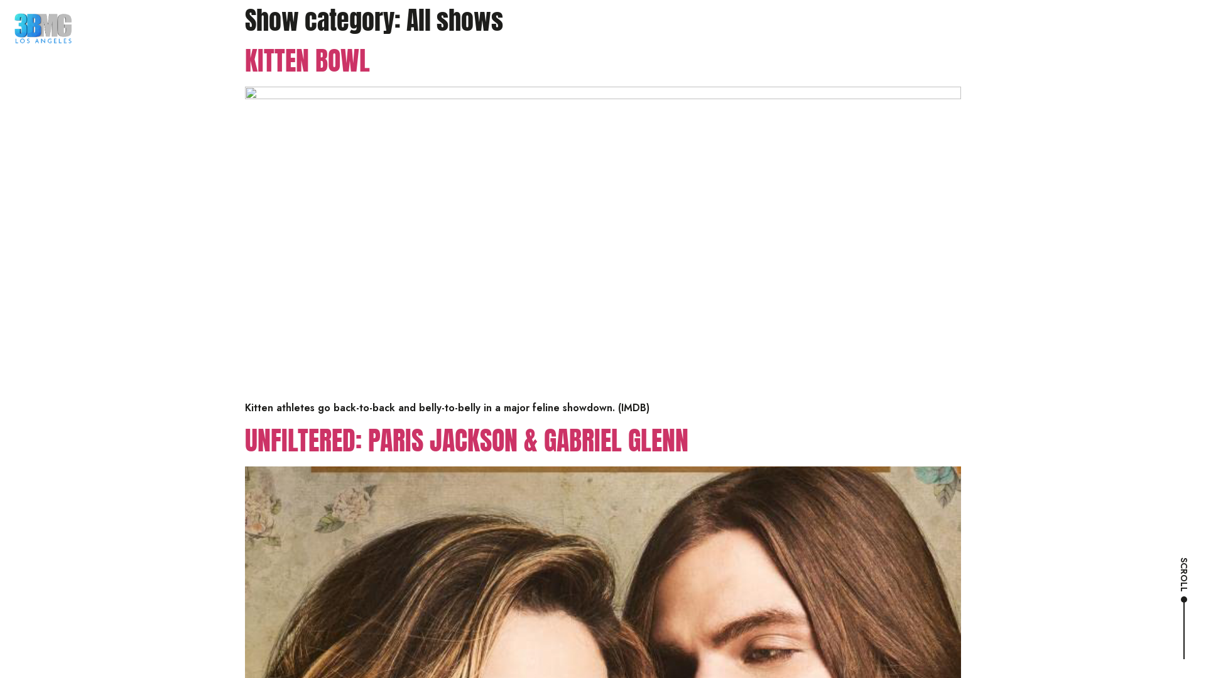 This screenshot has width=1206, height=678. I want to click on 'KITTEN BOWL', so click(307, 60).